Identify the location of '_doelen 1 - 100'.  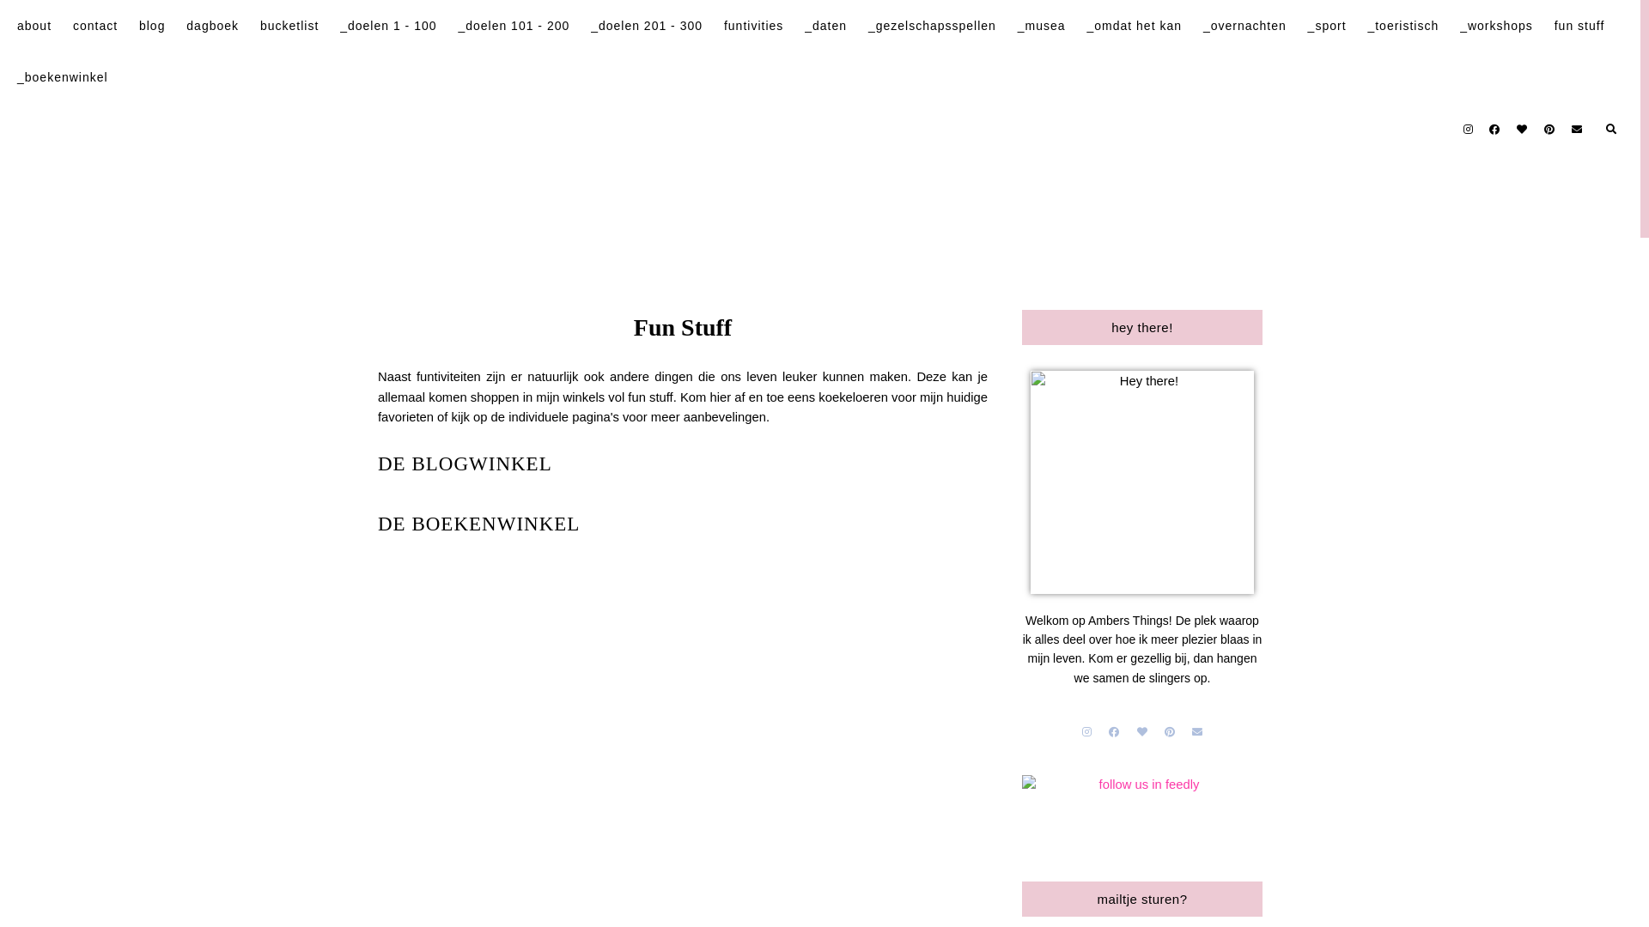
(339, 26).